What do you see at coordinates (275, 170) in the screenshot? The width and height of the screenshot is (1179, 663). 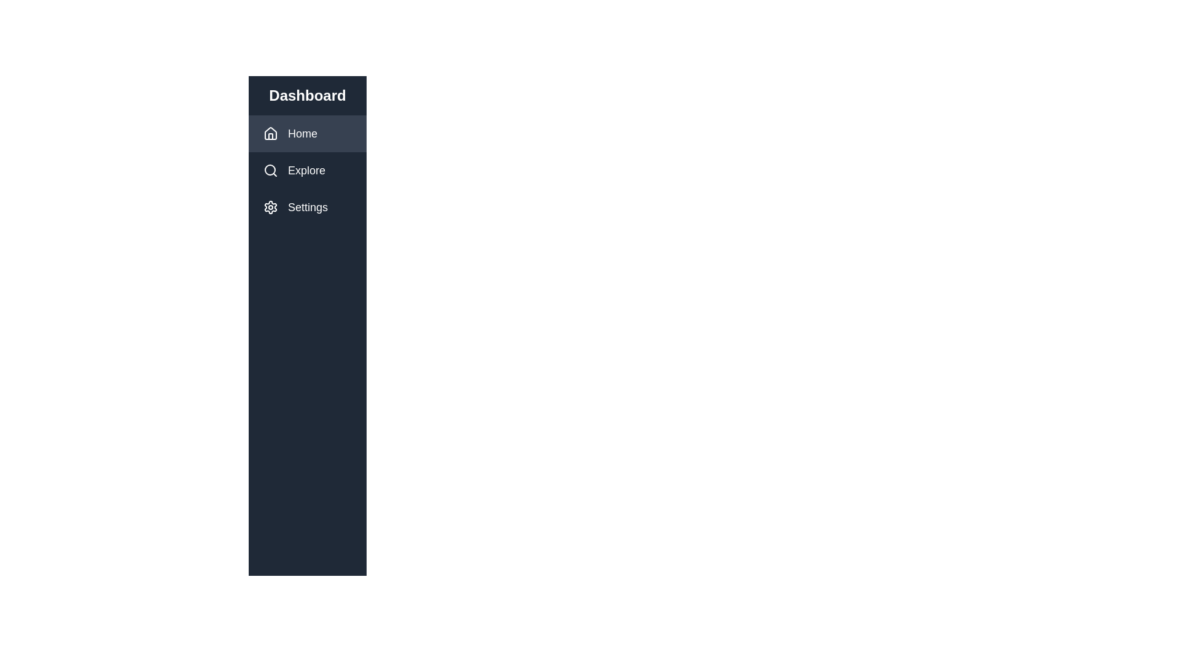 I see `the magnifying glass icon representing the search function located in the 'Explore' section of the left vertical navigation menu` at bounding box center [275, 170].